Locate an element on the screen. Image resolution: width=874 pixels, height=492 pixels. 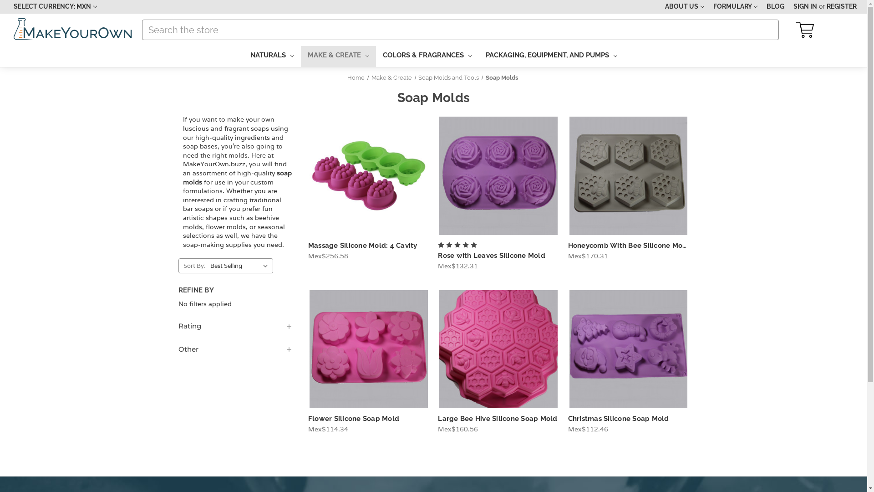
'Silicone Rose Mold exterior' is located at coordinates (498, 175).